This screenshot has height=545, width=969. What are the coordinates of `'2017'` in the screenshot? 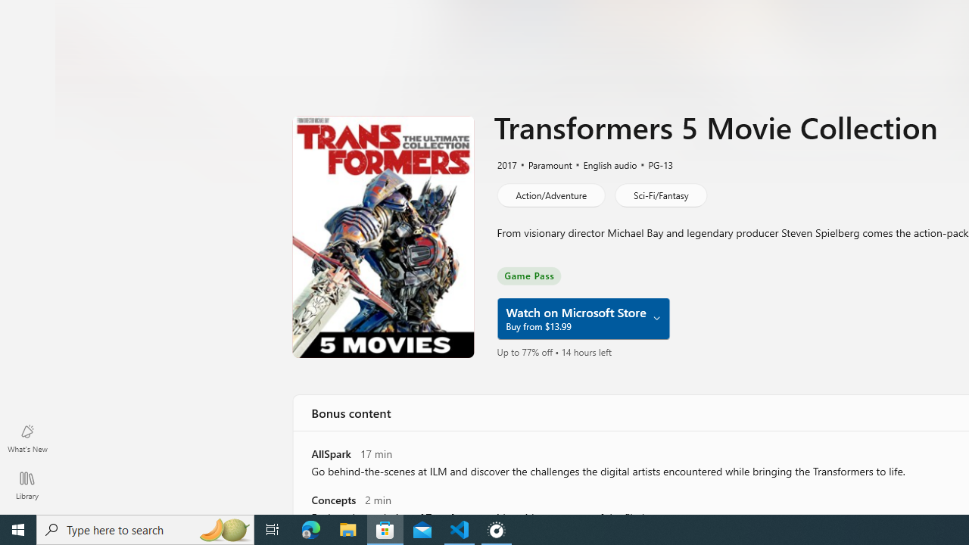 It's located at (506, 164).